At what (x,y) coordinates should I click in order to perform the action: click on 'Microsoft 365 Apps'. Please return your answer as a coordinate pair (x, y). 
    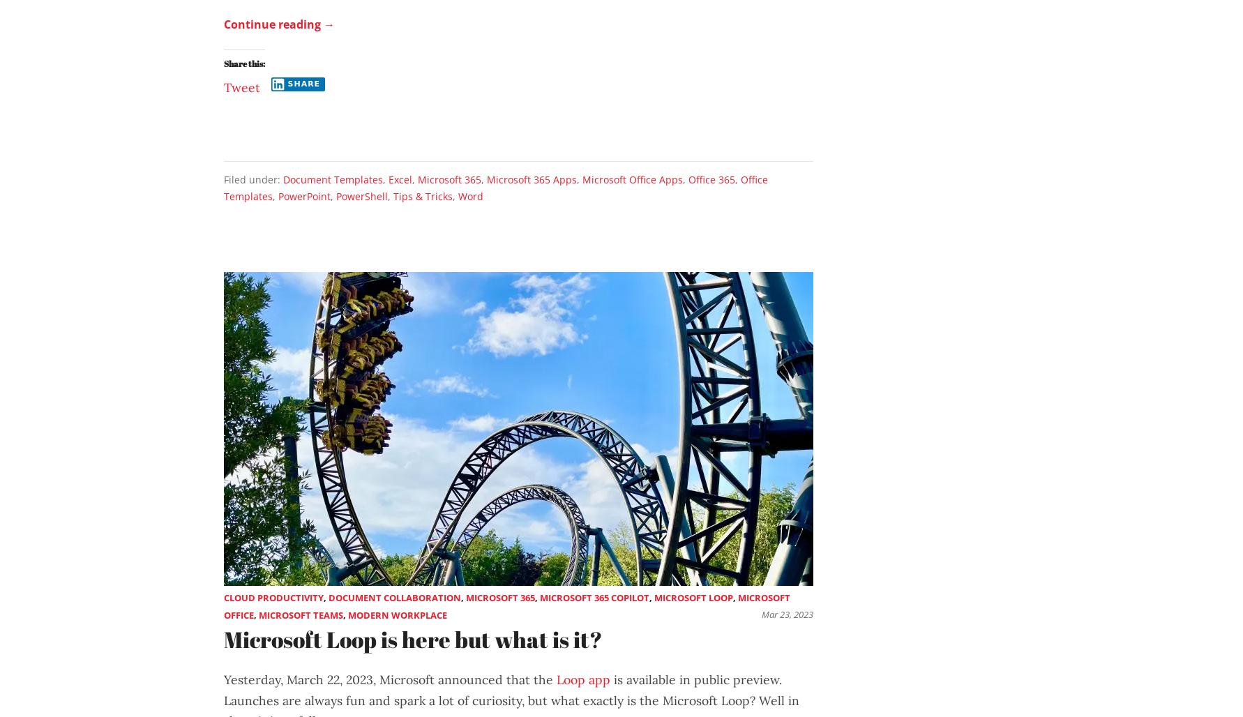
    Looking at the image, I should click on (486, 178).